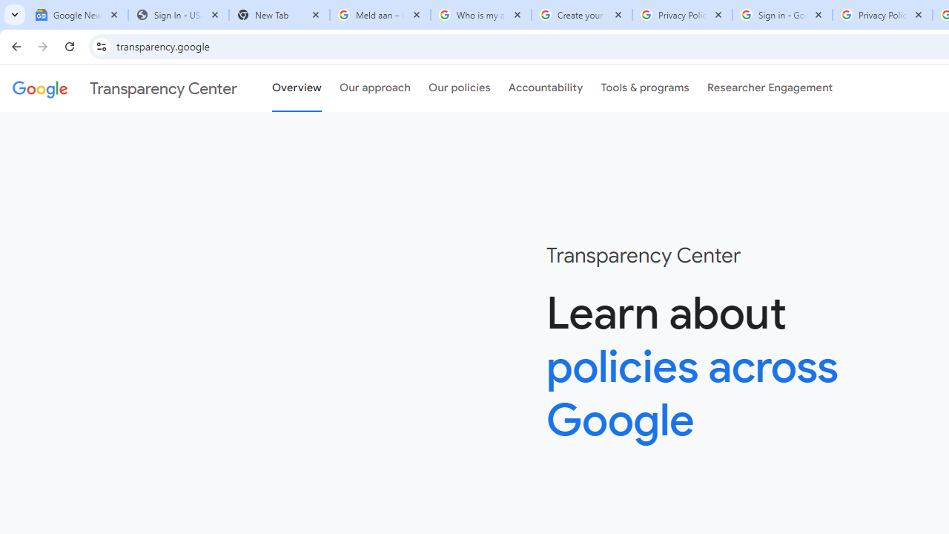  Describe the element at coordinates (480, 15) in the screenshot. I see `'Who is my administrator? - Google Account Help'` at that location.